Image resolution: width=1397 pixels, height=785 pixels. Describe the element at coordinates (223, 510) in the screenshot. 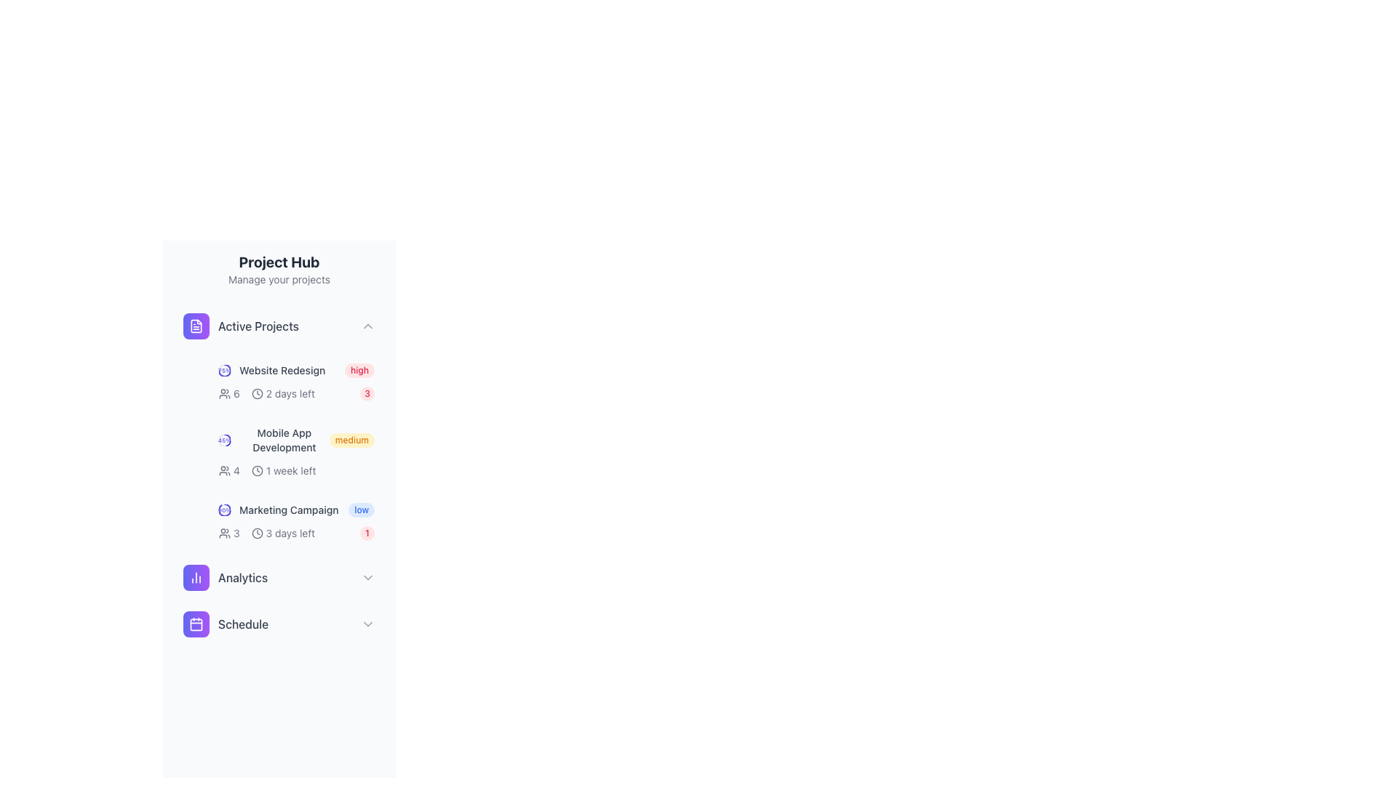

I see `the progress indicator or status icon located to the left of the 'Marketing Campaign' label in the Active Projects section` at that location.